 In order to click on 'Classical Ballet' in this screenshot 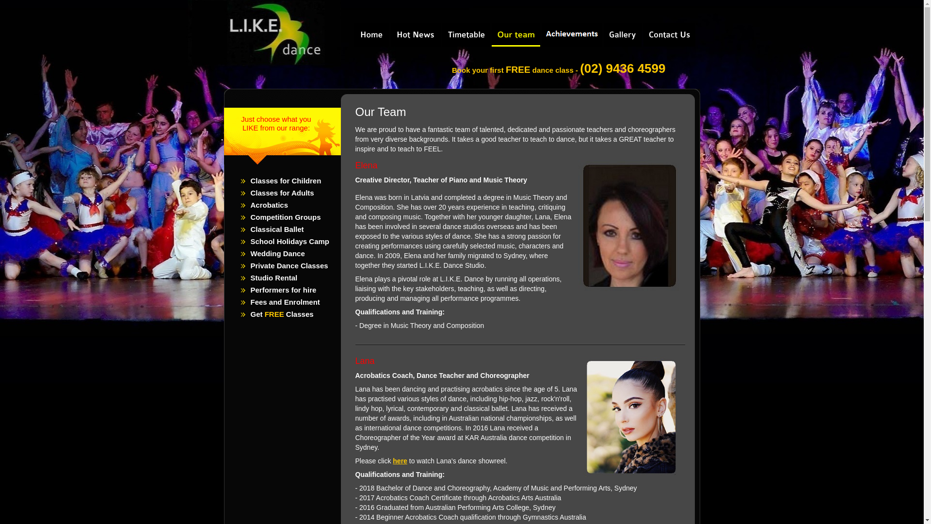, I will do `click(276, 229)`.